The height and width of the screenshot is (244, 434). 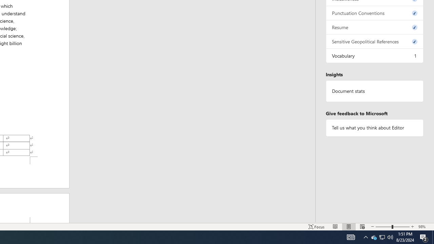 I want to click on 'Vocabulary, 1 issue. Press space or enter to review items.', so click(x=374, y=55).